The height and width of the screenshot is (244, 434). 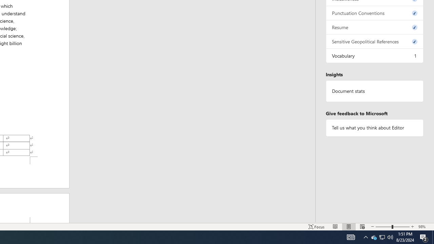 I want to click on 'Vocabulary, 1 issue. Press space or enter to review items.', so click(x=374, y=55).